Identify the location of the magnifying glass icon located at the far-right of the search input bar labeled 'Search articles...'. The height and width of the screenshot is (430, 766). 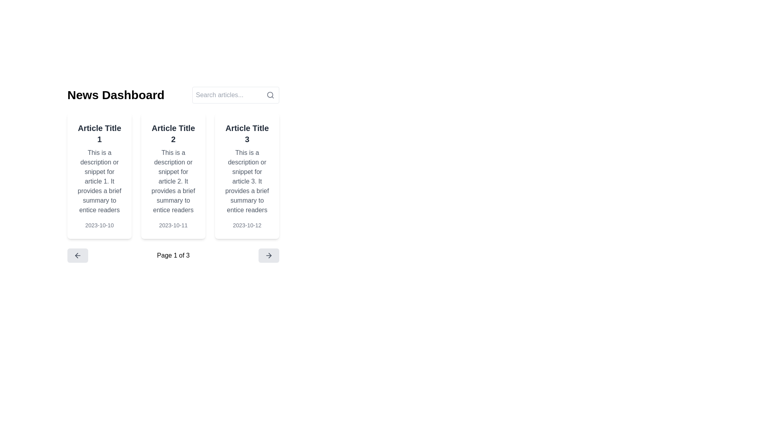
(270, 95).